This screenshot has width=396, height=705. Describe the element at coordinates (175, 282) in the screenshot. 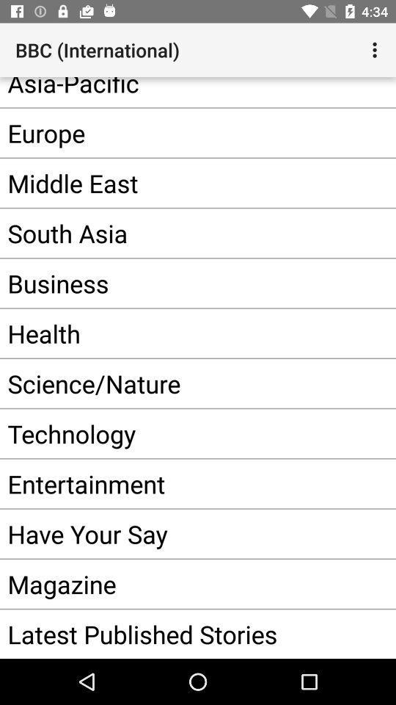

I see `business` at that location.